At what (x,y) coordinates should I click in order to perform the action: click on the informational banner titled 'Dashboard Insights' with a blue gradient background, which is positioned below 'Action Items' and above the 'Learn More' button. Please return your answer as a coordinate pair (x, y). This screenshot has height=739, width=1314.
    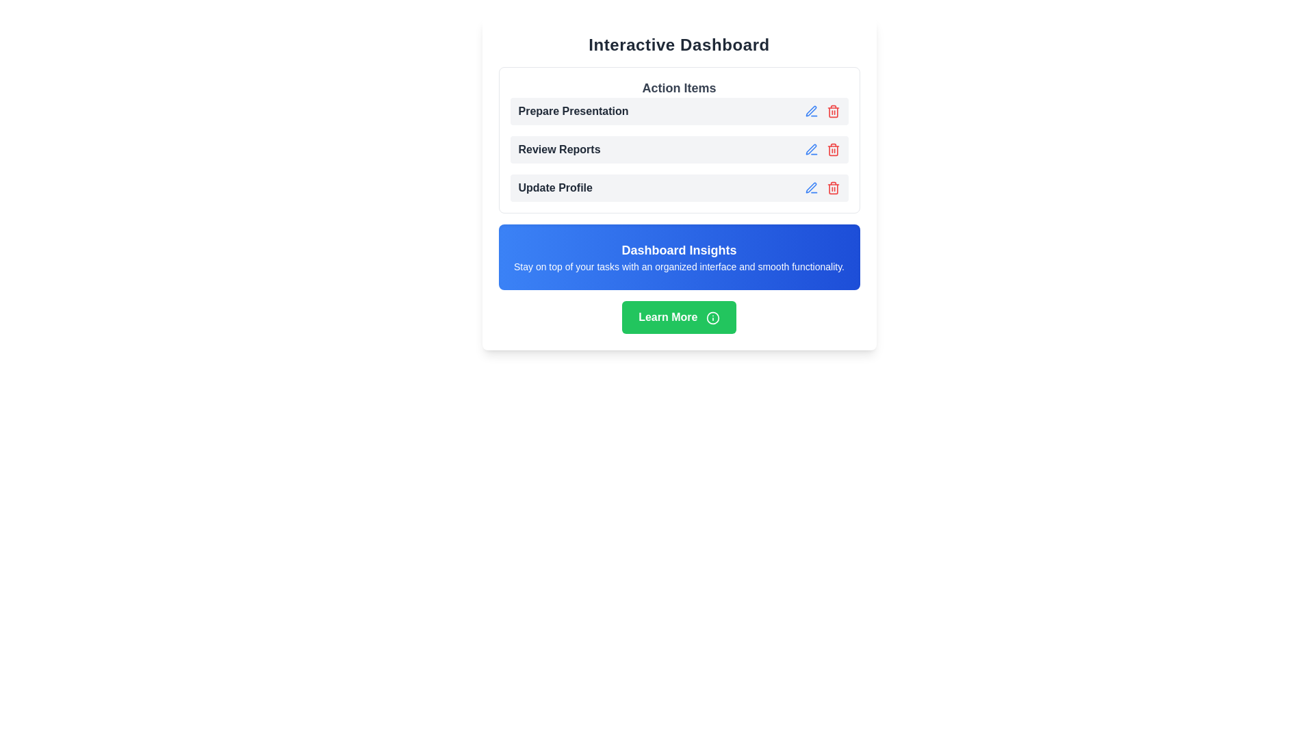
    Looking at the image, I should click on (679, 257).